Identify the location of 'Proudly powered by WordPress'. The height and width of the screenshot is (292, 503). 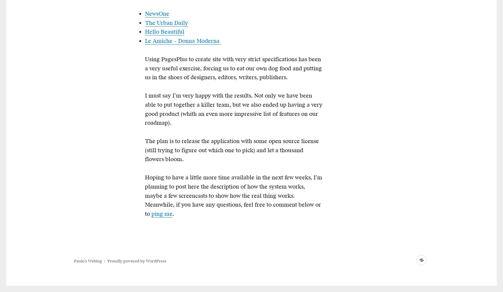
(136, 260).